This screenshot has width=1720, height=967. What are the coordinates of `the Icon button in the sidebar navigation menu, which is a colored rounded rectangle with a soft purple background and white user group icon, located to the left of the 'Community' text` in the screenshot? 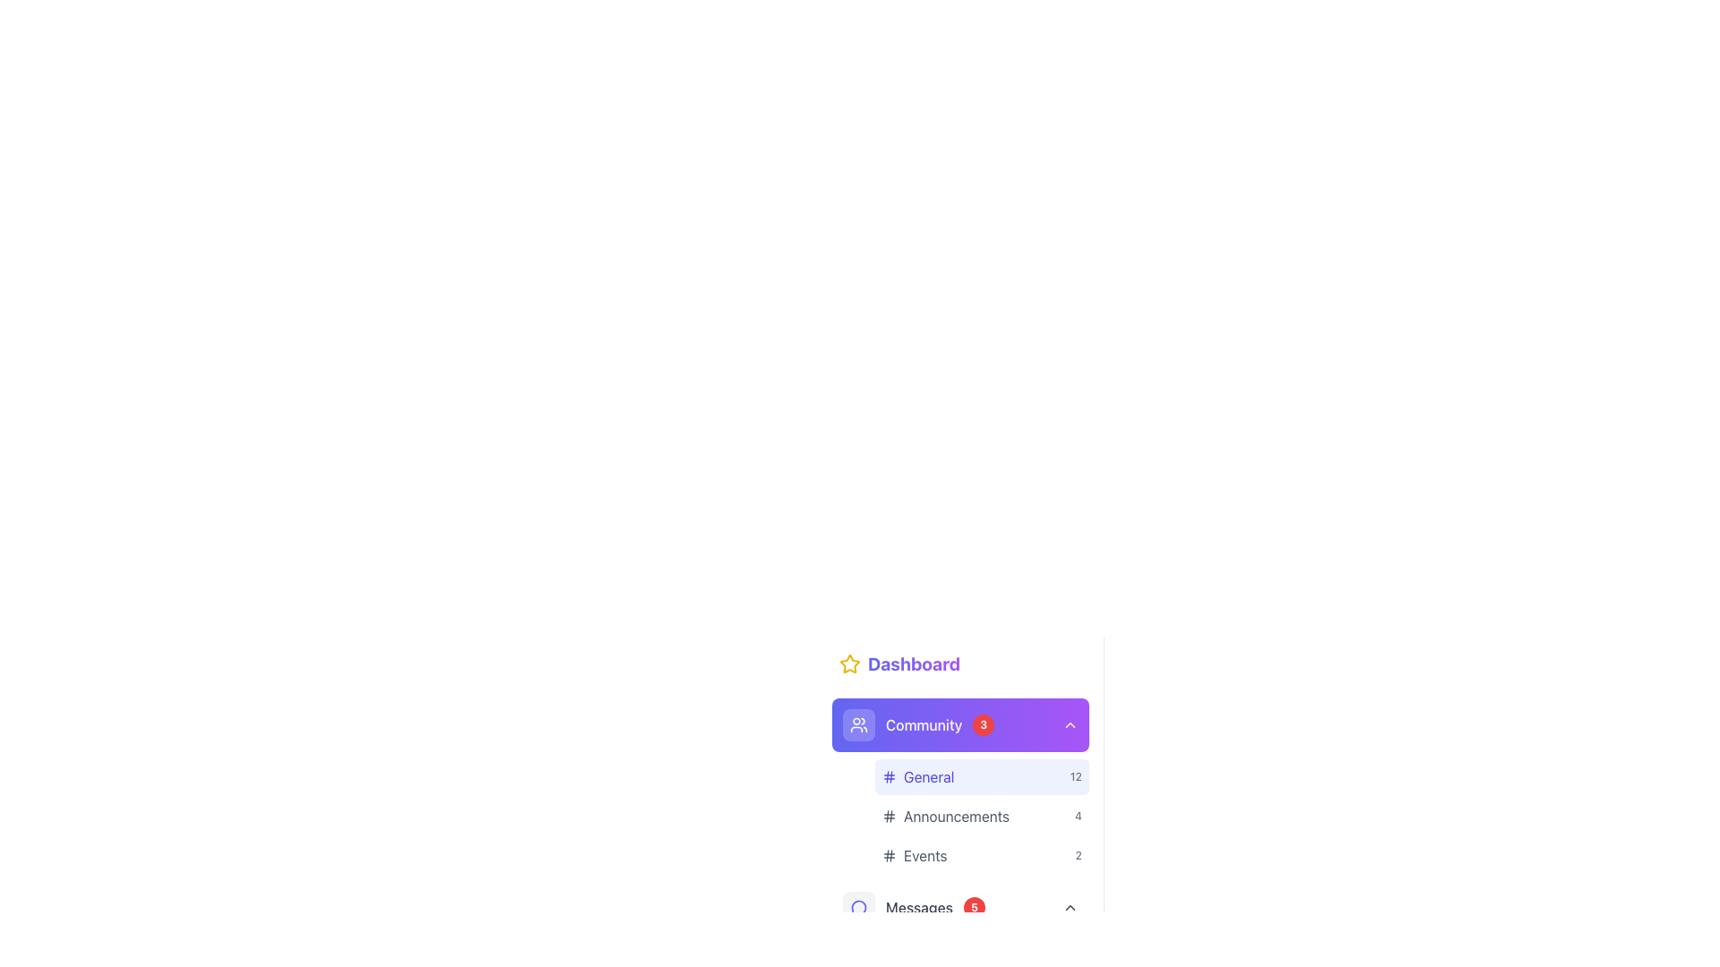 It's located at (858, 725).